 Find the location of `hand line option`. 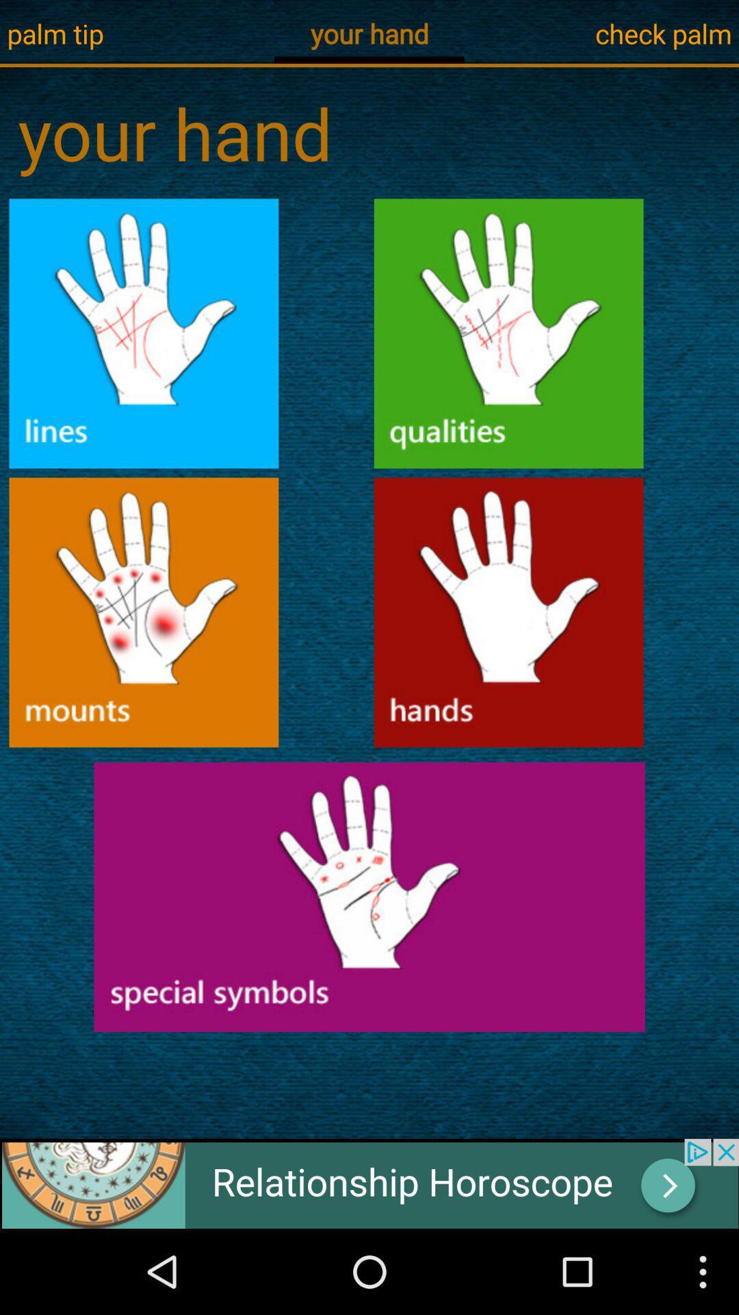

hand line option is located at coordinates (144, 334).